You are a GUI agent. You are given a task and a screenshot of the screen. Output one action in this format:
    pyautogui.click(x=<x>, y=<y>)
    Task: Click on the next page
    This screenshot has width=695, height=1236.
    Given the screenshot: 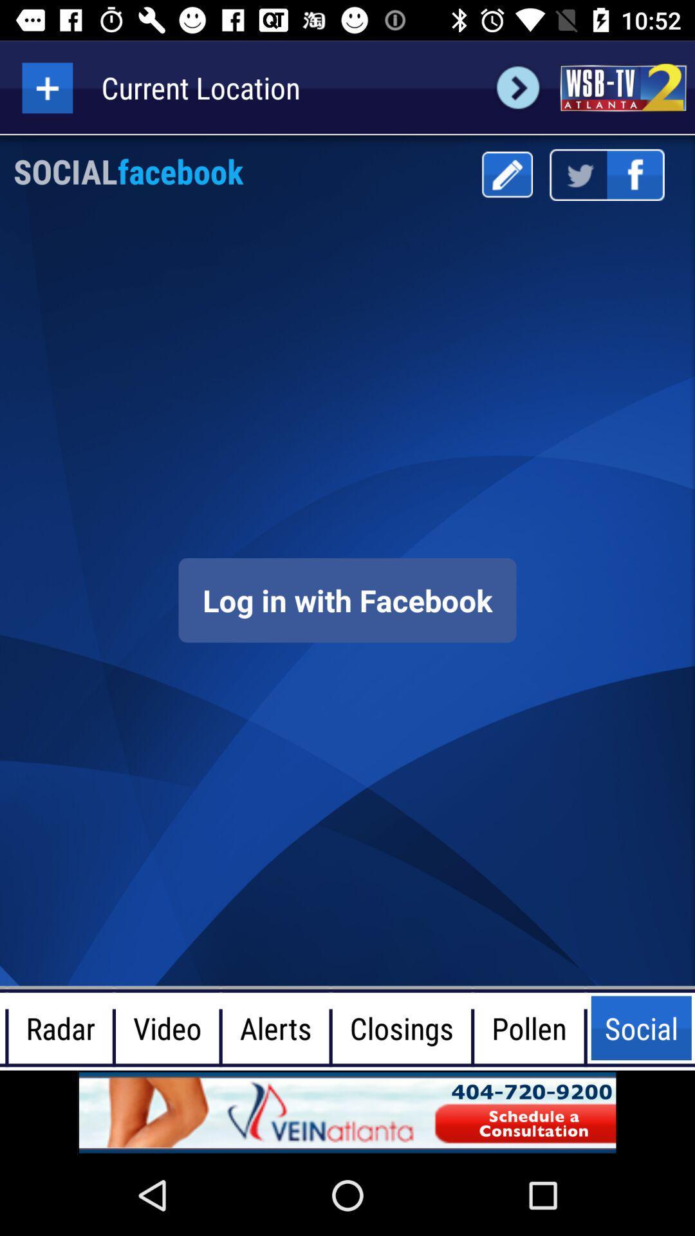 What is the action you would take?
    pyautogui.click(x=517, y=87)
    